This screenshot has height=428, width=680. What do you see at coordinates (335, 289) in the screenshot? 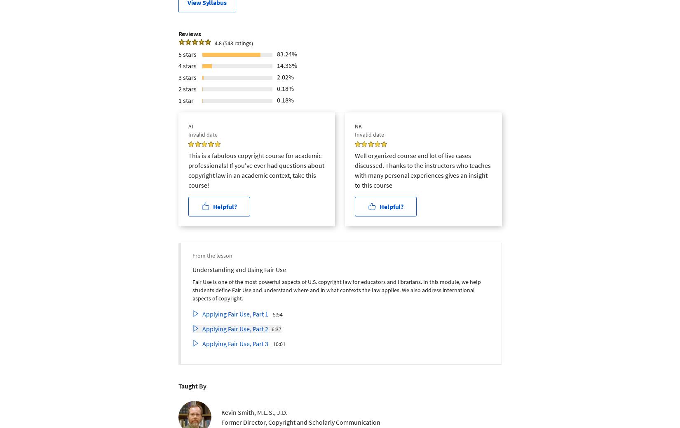
I see `'Fair Use is one of the most powerful aspects of U.S. copyright law for educators and librarians.  In this module, we help students define Fair Use and understand where and in what contexts the law applies.  We also address international aspects of copyright.'` at bounding box center [335, 289].